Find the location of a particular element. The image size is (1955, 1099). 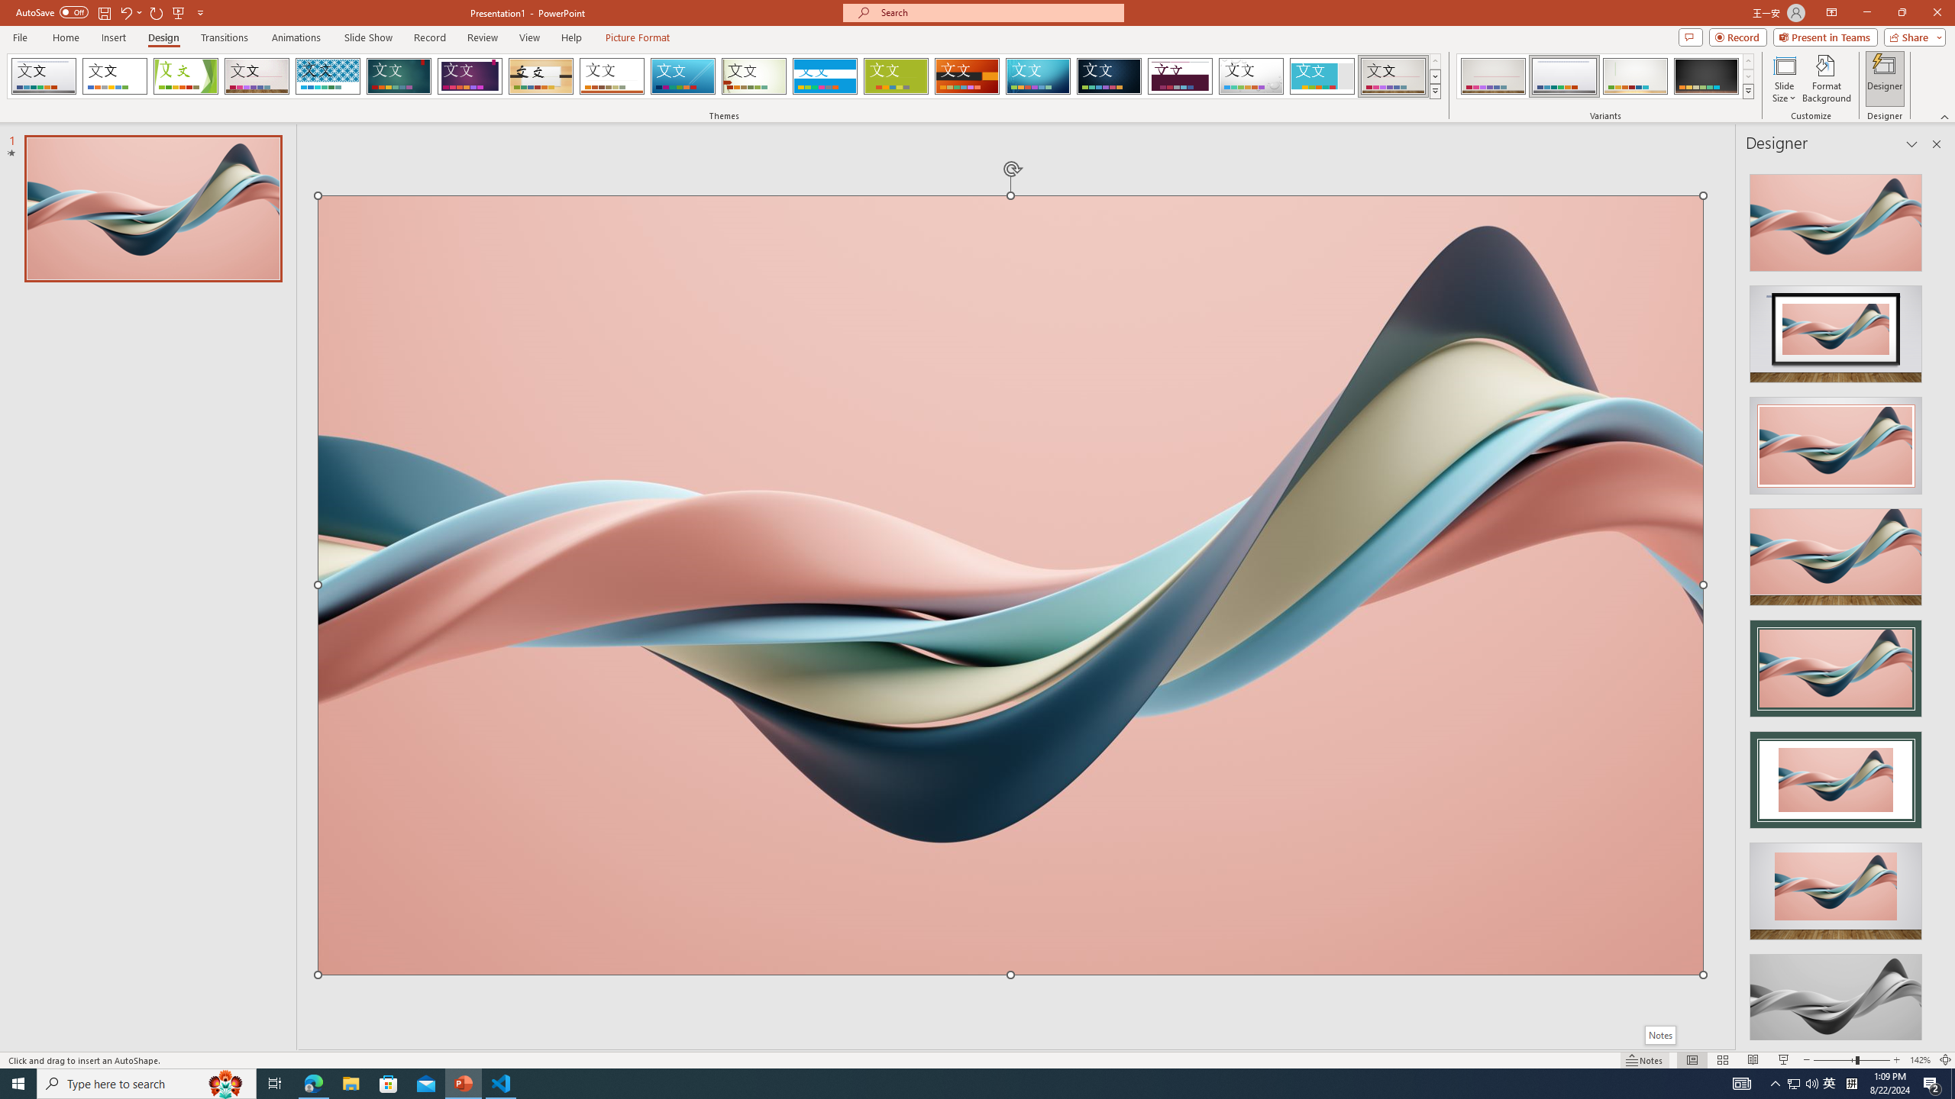

'Facet' is located at coordinates (185, 76).